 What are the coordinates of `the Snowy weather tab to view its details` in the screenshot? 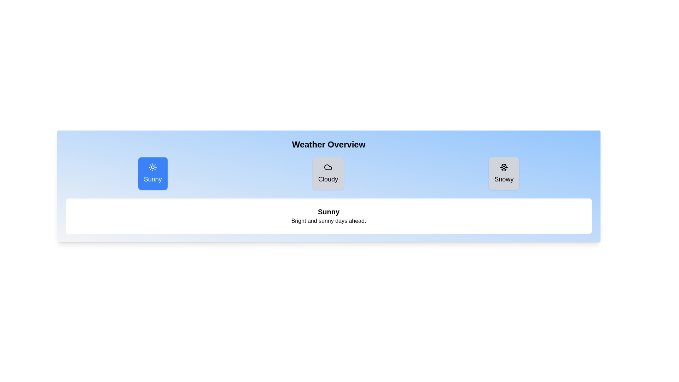 It's located at (504, 173).